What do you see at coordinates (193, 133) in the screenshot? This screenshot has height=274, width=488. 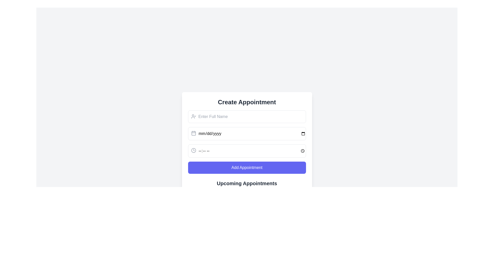 I see `the calendar icon located to the left side of the date field in the 'Create Appointment' section` at bounding box center [193, 133].